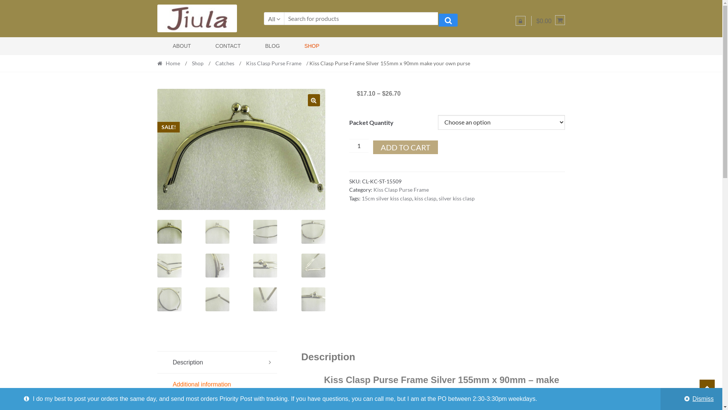  Describe the element at coordinates (373, 189) in the screenshot. I see `'Kiss Clasp Purse Frame'` at that location.